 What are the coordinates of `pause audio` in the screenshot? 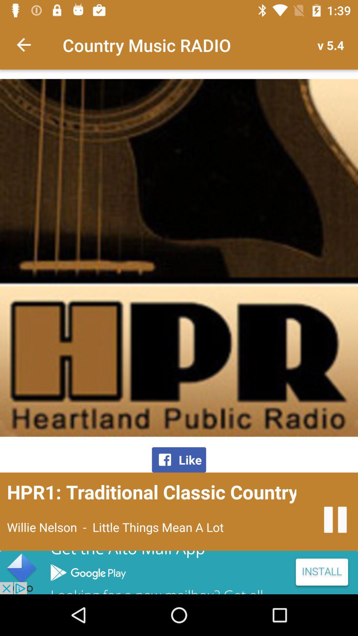 It's located at (335, 519).